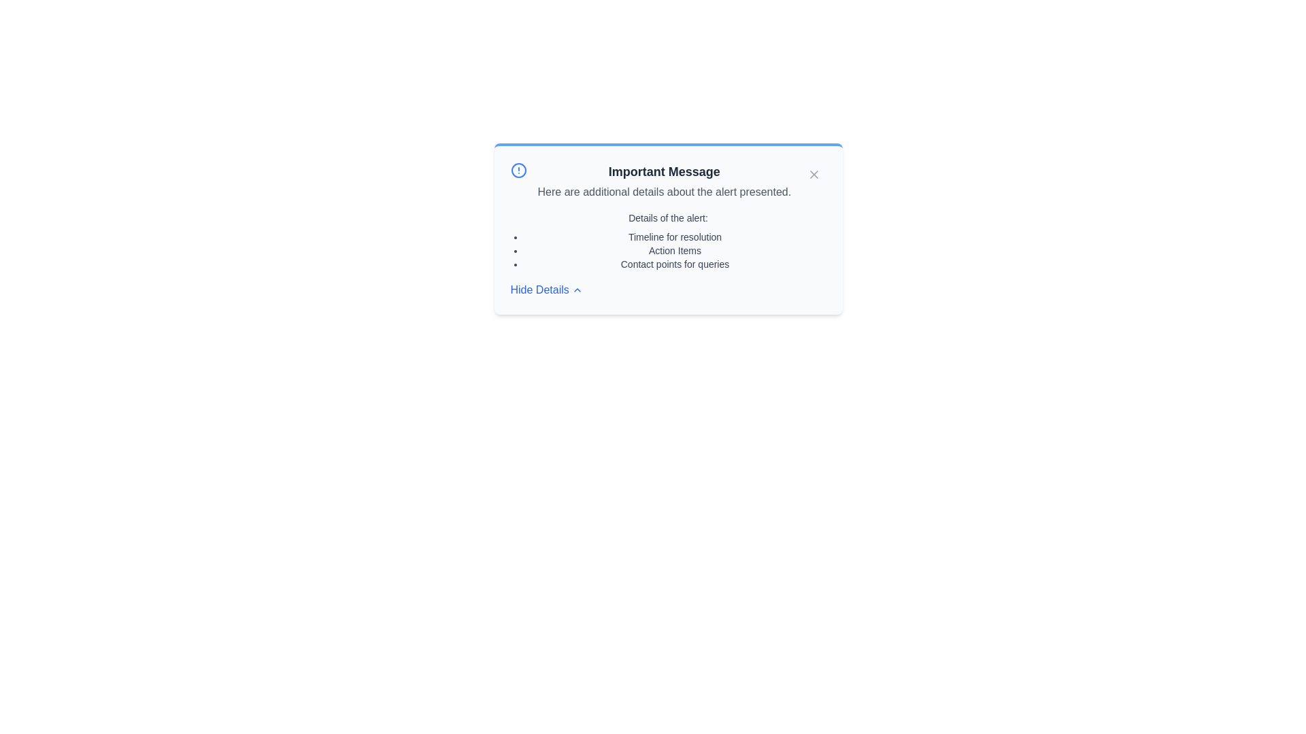 This screenshot has width=1306, height=734. Describe the element at coordinates (577, 290) in the screenshot. I see `the upward Chevron icon located to the right of the 'Hide Details' text link` at that location.